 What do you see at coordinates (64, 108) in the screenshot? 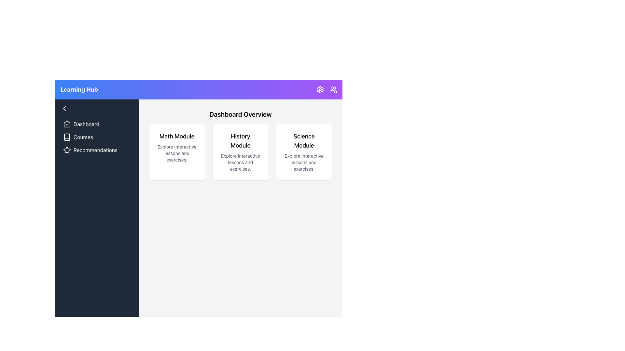
I see `the sidebar toggle button located at the top-left section of the sidebar, above the 'Dashboard' label` at bounding box center [64, 108].